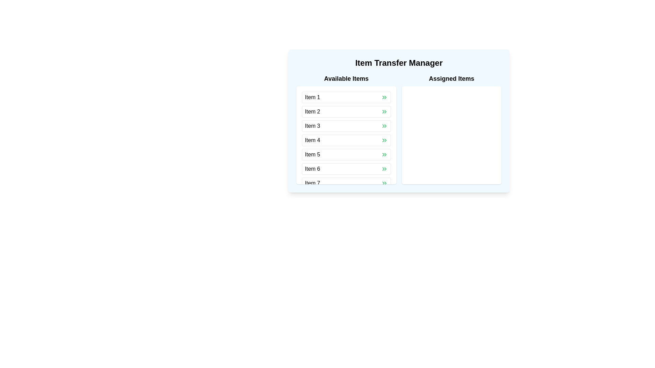 This screenshot has height=368, width=655. What do you see at coordinates (312, 97) in the screenshot?
I see `the text label 'Item 1' which is the first selectable item in the list under 'Available Items'` at bounding box center [312, 97].